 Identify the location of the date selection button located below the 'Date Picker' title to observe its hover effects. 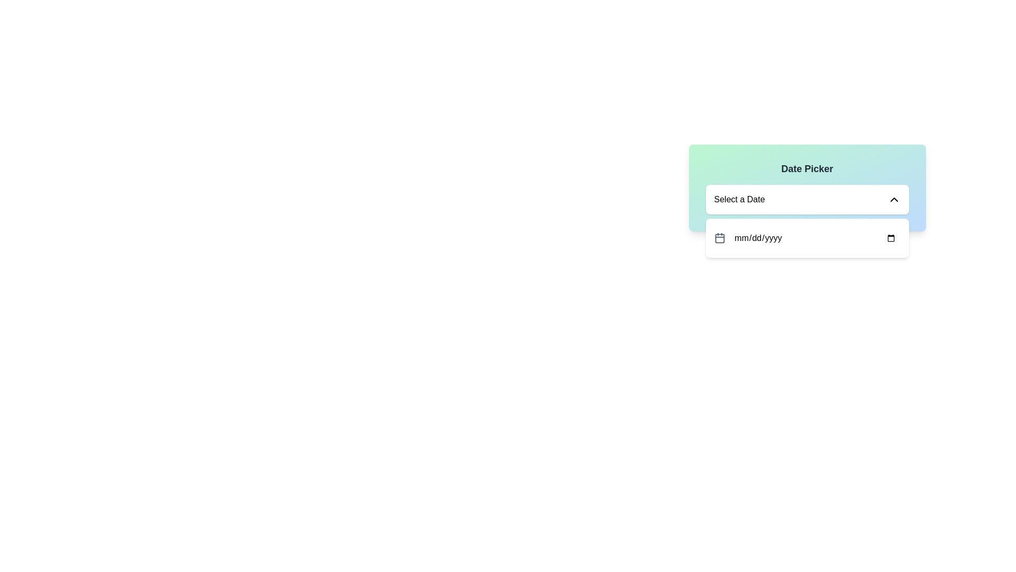
(806, 200).